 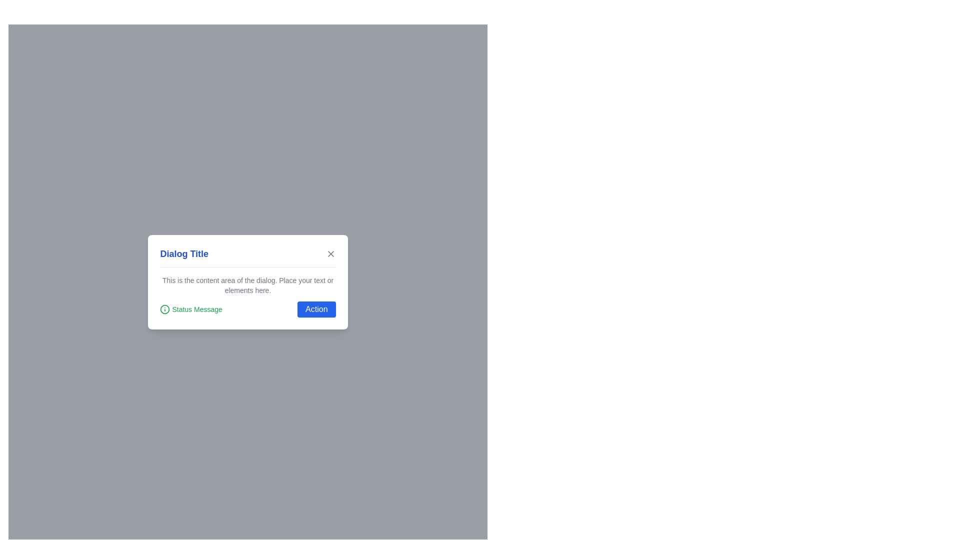 I want to click on text of the 'Dialog Title' label, which is bold, medium-sized, and blue in color, located at the top-left corner of the dialog box, so click(x=184, y=253).